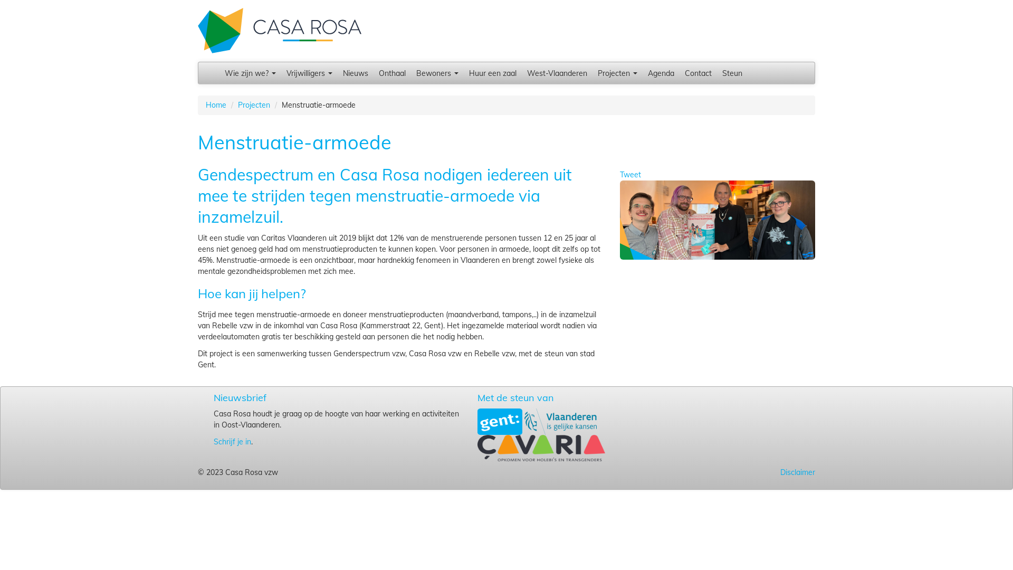 The image size is (1013, 570). Describe the element at coordinates (492, 72) in the screenshot. I see `'Huur een zaal'` at that location.